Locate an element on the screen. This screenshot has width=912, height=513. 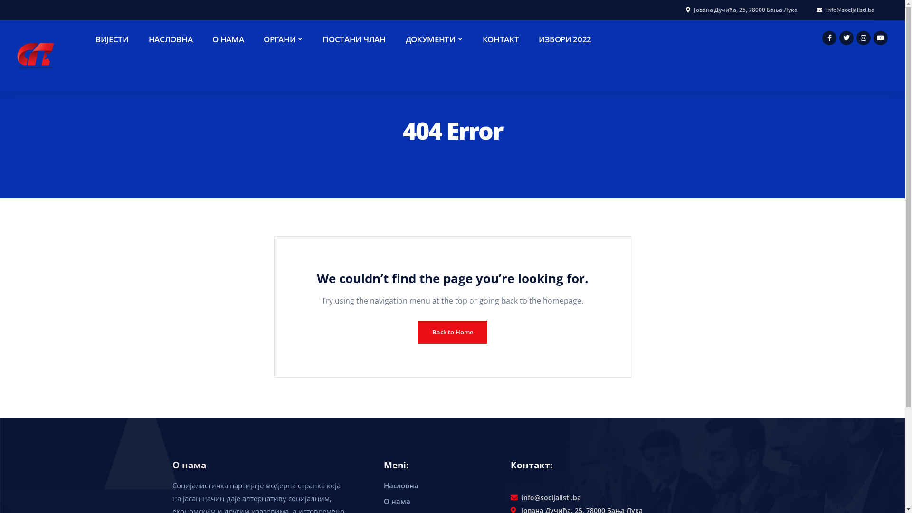
'Youtube' is located at coordinates (880, 38).